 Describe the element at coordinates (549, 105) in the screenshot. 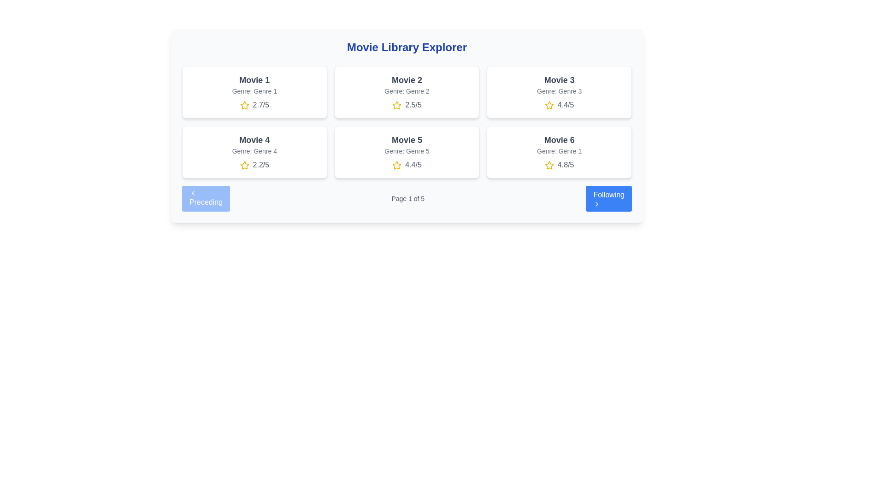

I see `the star-shaped icon representing the rating in the 'Movie 3' card, which is located immediately to the left of the text '4.4/5'` at that location.